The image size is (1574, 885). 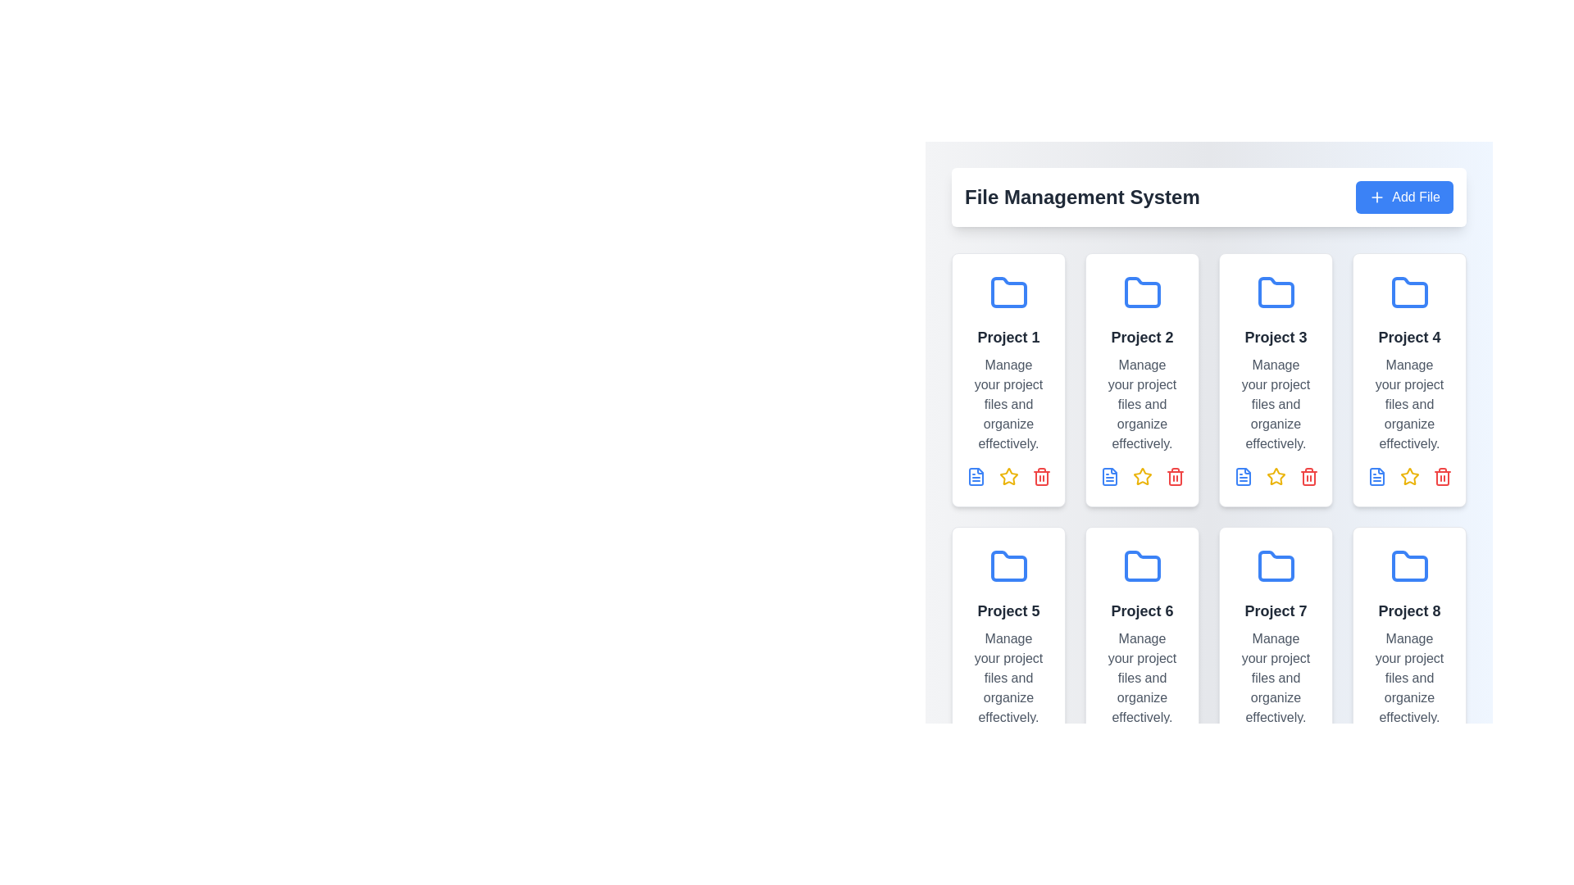 What do you see at coordinates (1141, 293) in the screenshot?
I see `the blue folder icon located in the upper region of the card interface under the 'Project 2' label` at bounding box center [1141, 293].